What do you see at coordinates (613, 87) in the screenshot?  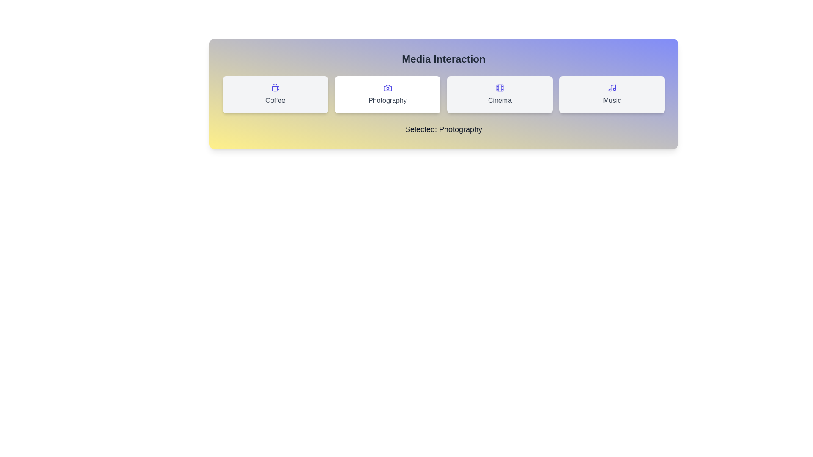 I see `the button containing the music-related SVG icon representing a musical note, located in the top-right section under the title 'Media Interaction'` at bounding box center [613, 87].